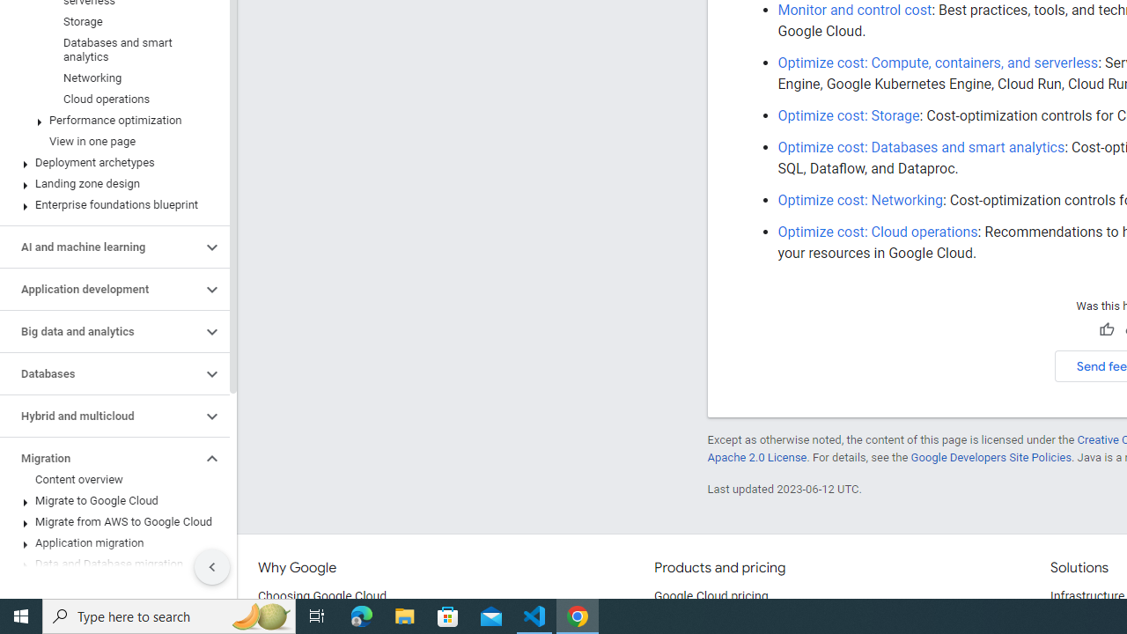  I want to click on 'Hybrid and multicloud', so click(99, 417).